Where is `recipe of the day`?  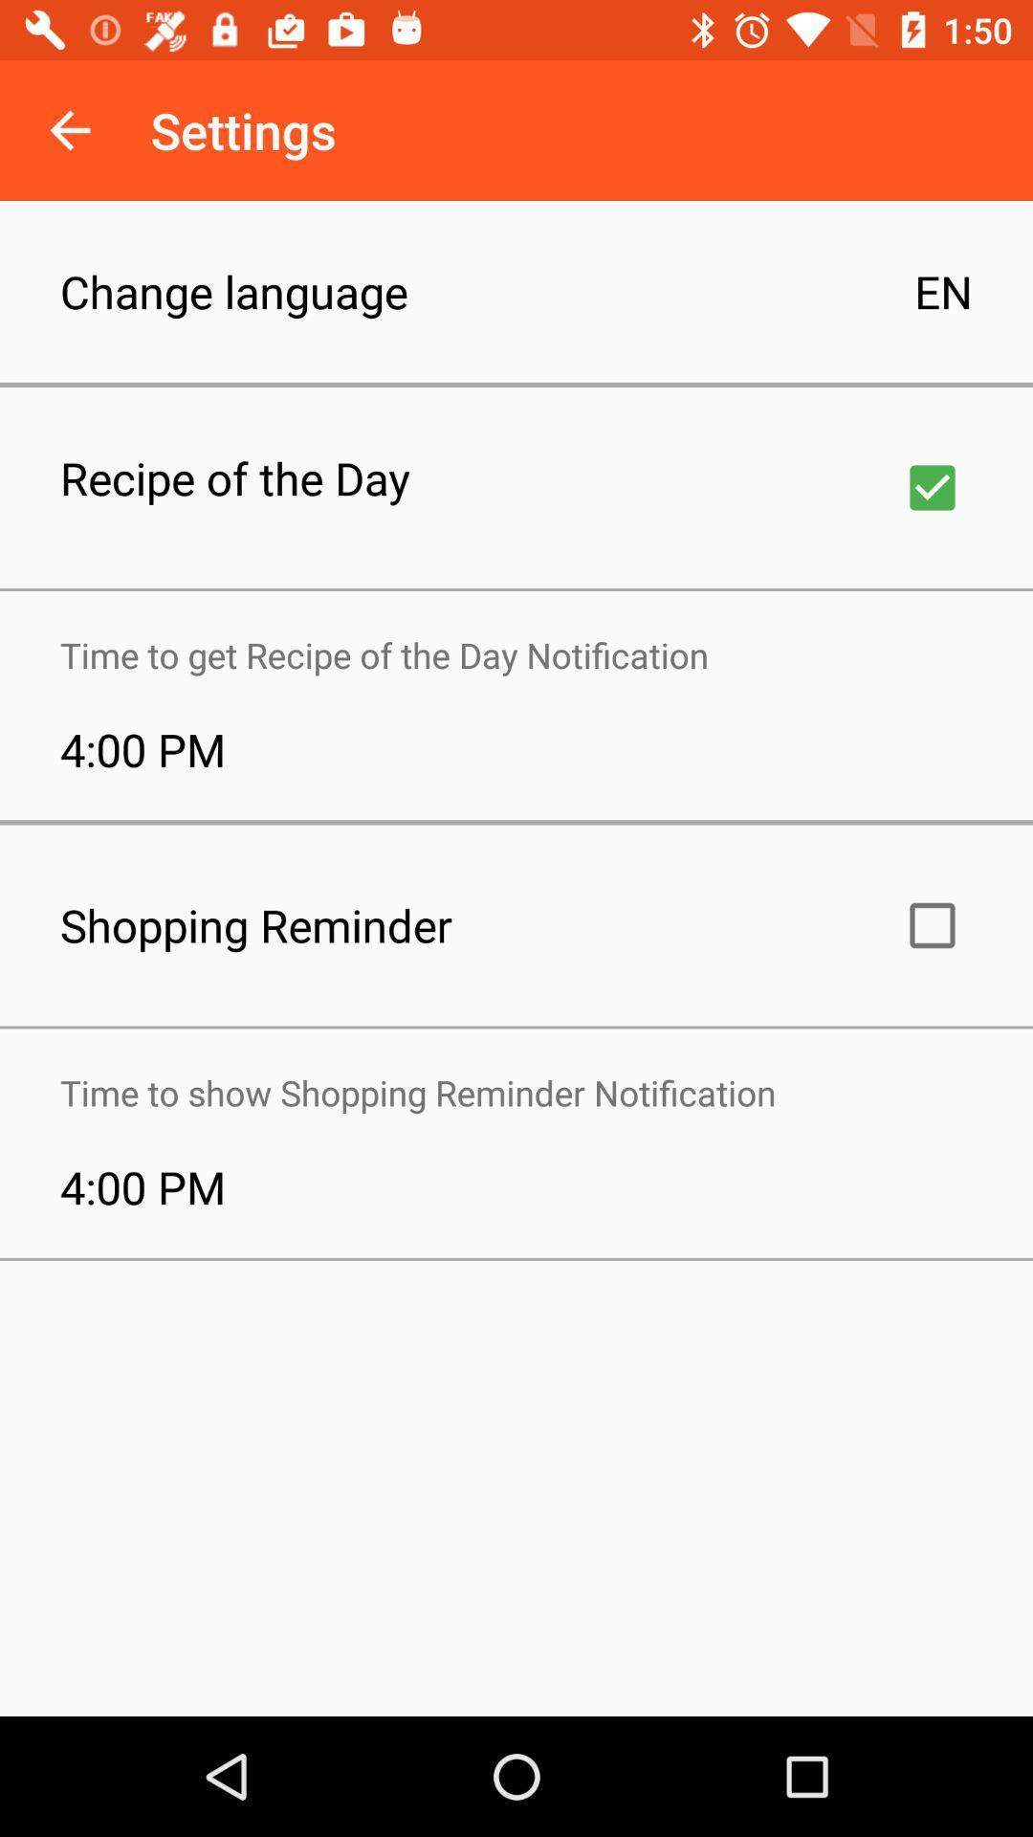
recipe of the day is located at coordinates (932, 487).